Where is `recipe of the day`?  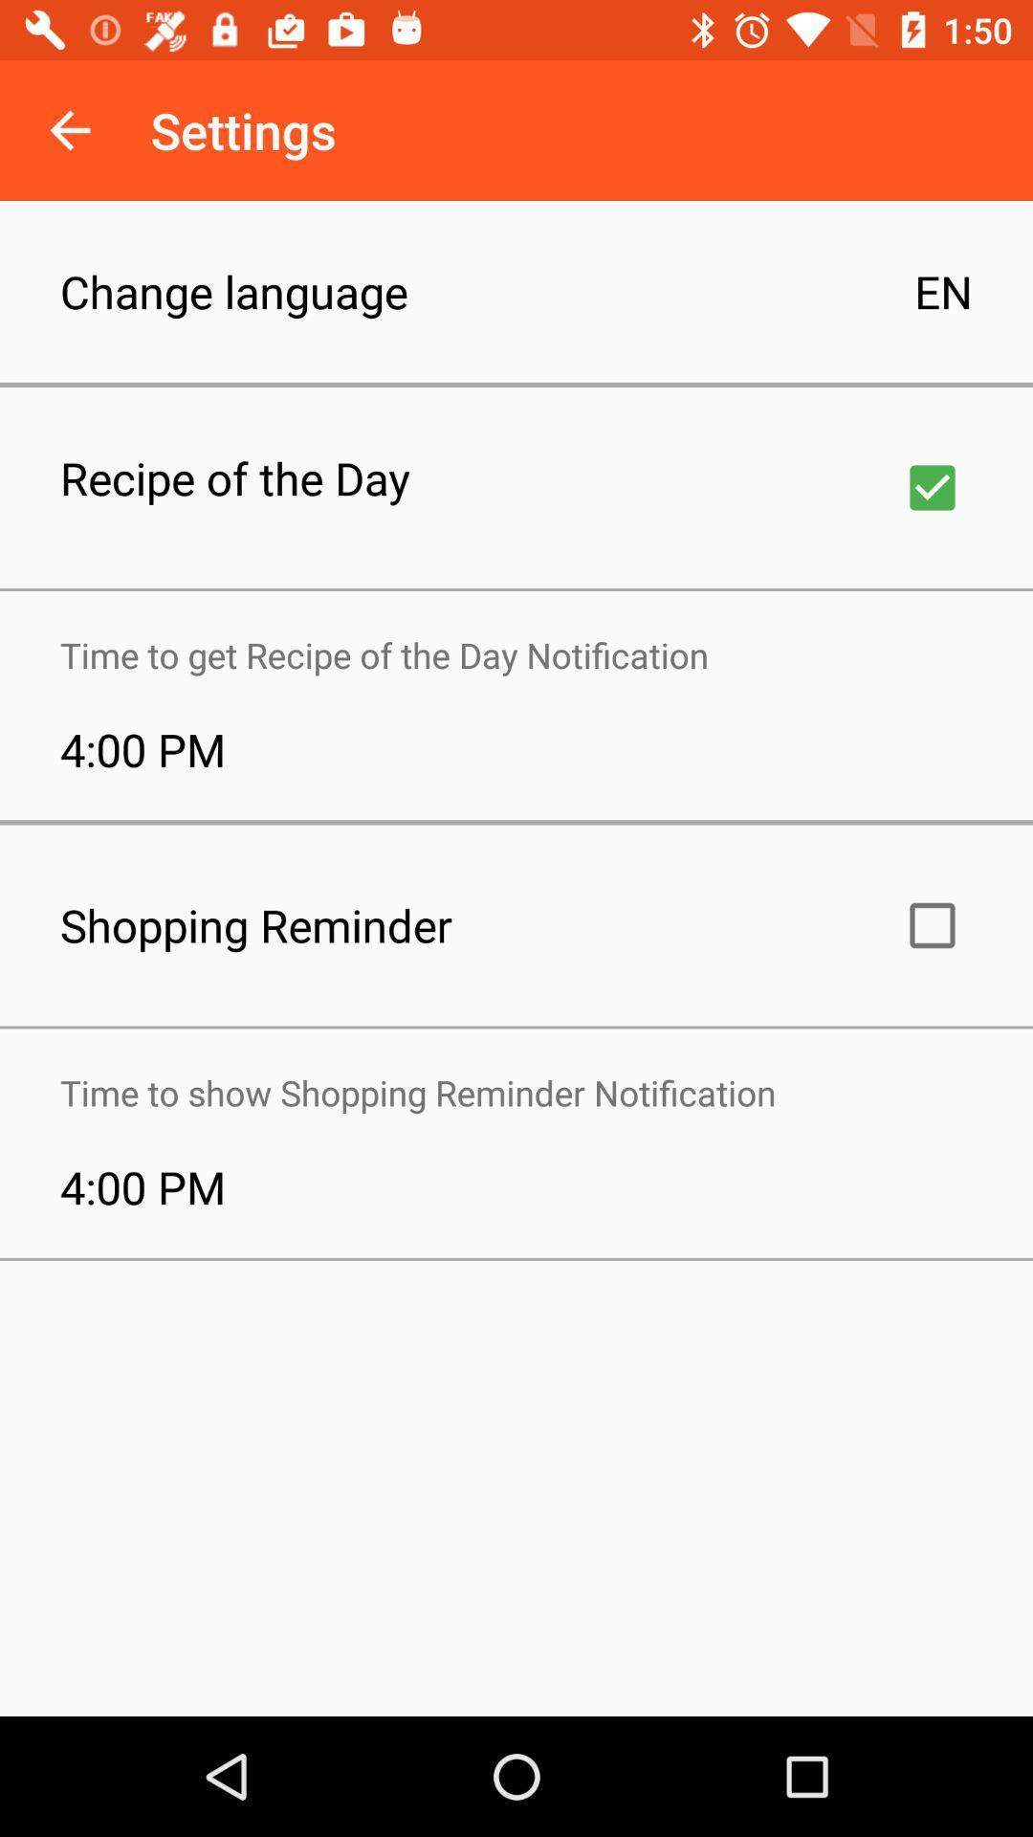
recipe of the day is located at coordinates (932, 487).